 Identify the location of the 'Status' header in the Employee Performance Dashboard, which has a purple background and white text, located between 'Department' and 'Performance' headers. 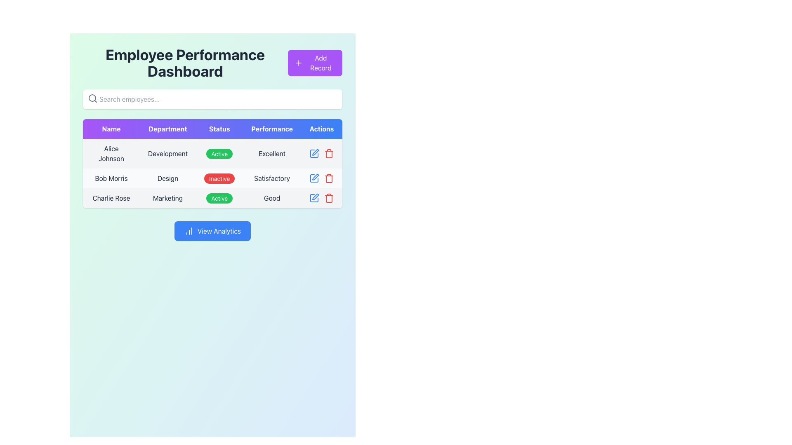
(219, 129).